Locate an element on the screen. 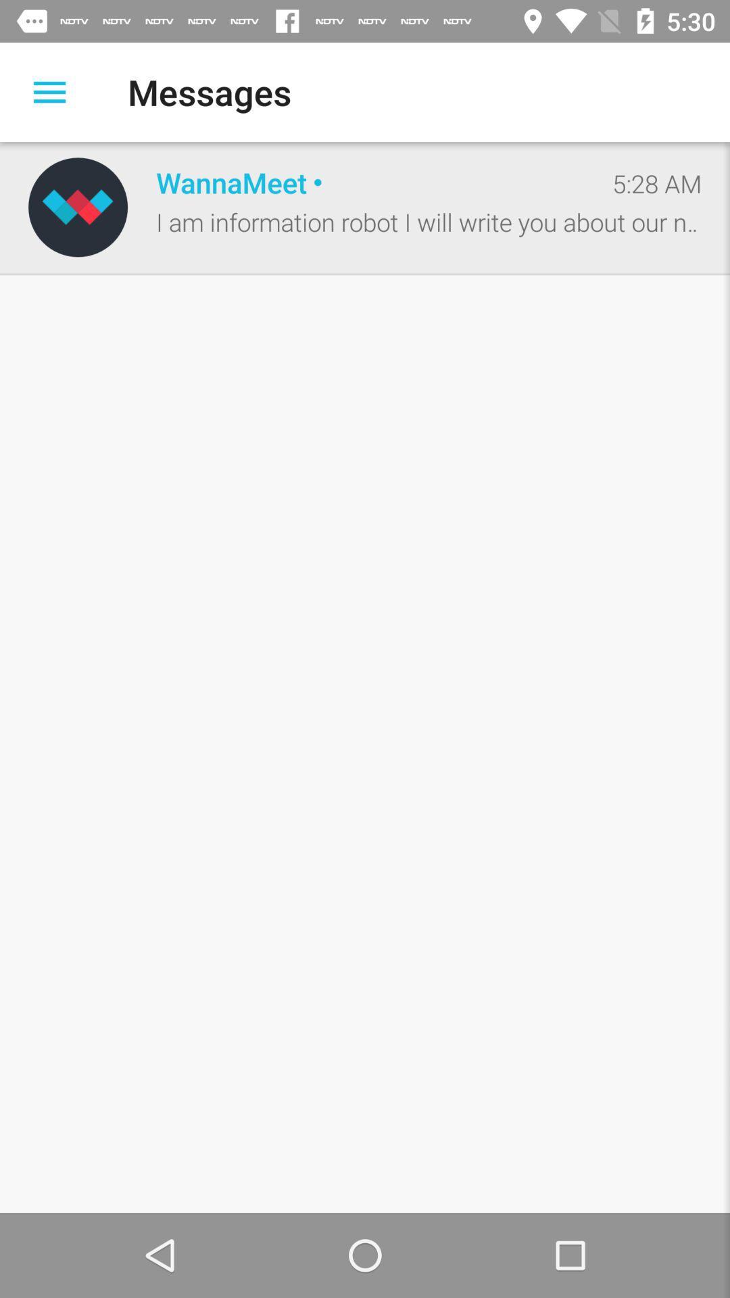 The width and height of the screenshot is (730, 1298). the item at the top right corner is located at coordinates (656, 183).